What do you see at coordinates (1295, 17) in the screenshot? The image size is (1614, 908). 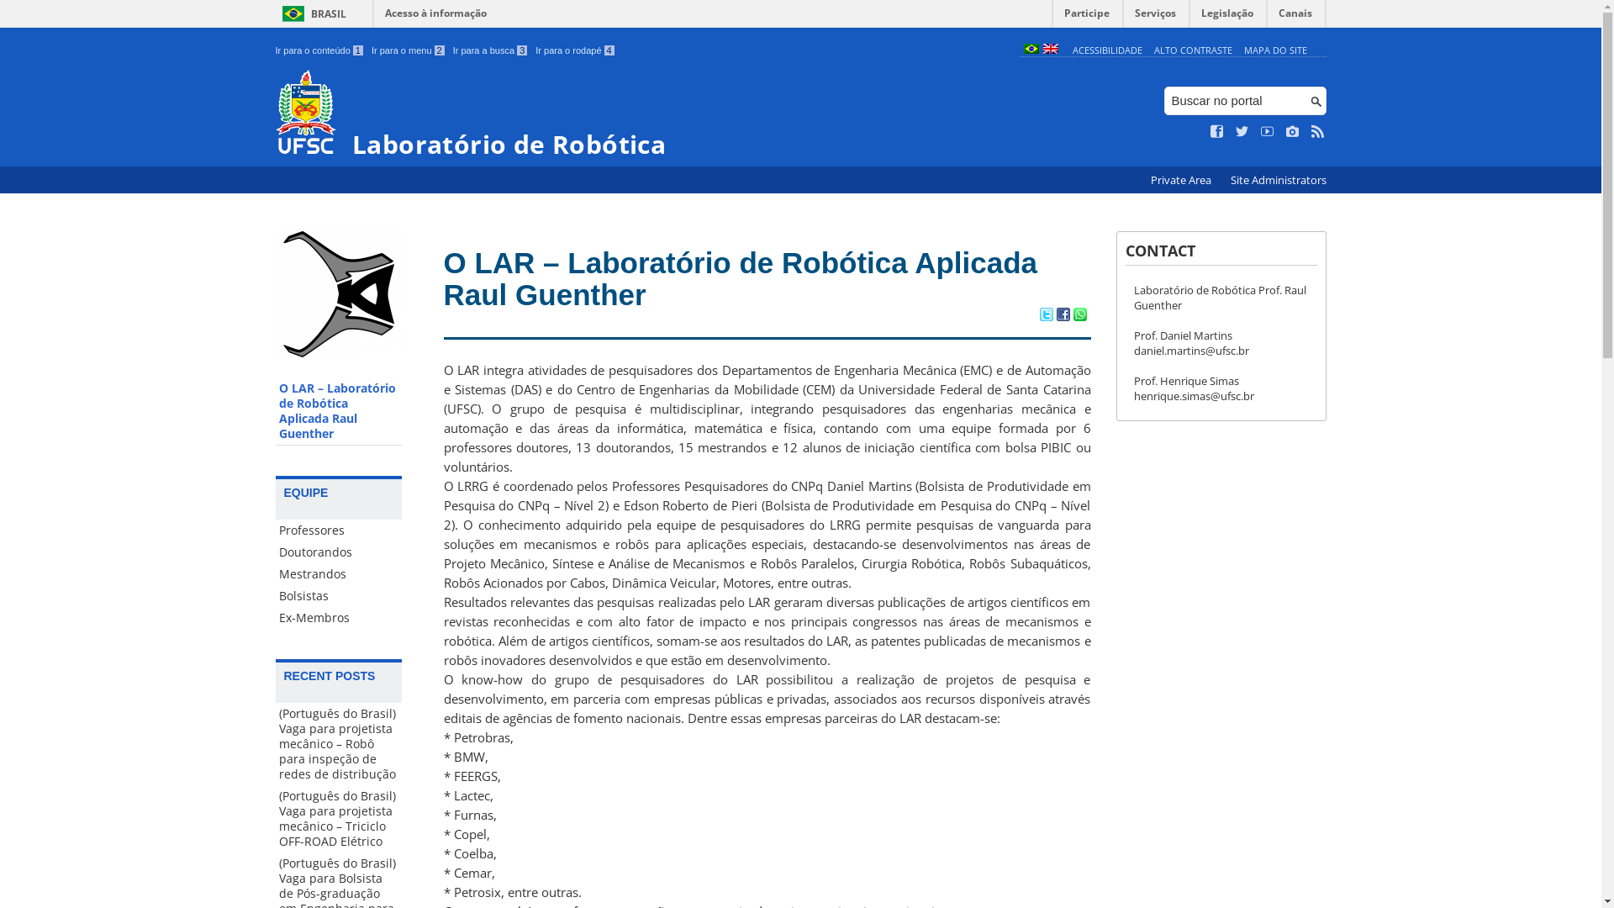 I see `'Canais'` at bounding box center [1295, 17].